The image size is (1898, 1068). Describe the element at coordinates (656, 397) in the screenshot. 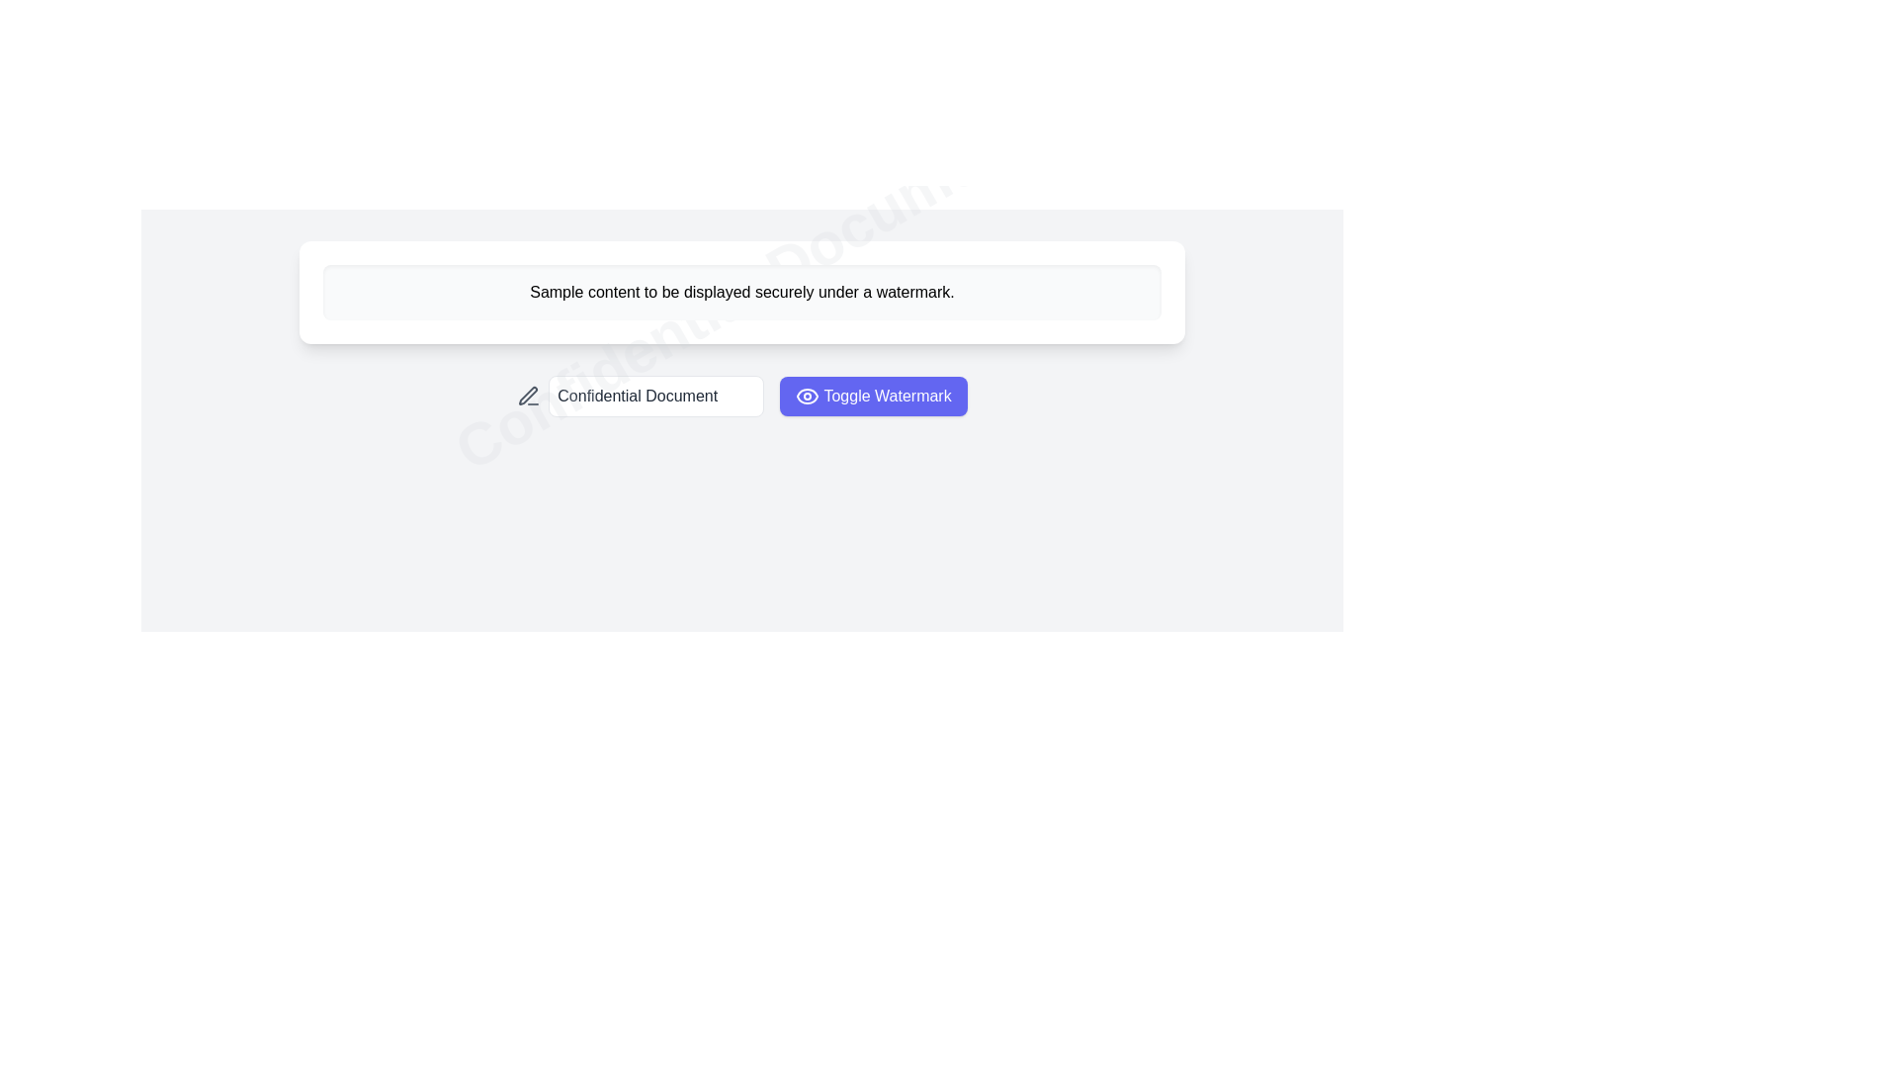

I see `the Text Input Field, which is located between a pen icon and a blue button labeled 'Toggle Watermark', to focus on it` at that location.